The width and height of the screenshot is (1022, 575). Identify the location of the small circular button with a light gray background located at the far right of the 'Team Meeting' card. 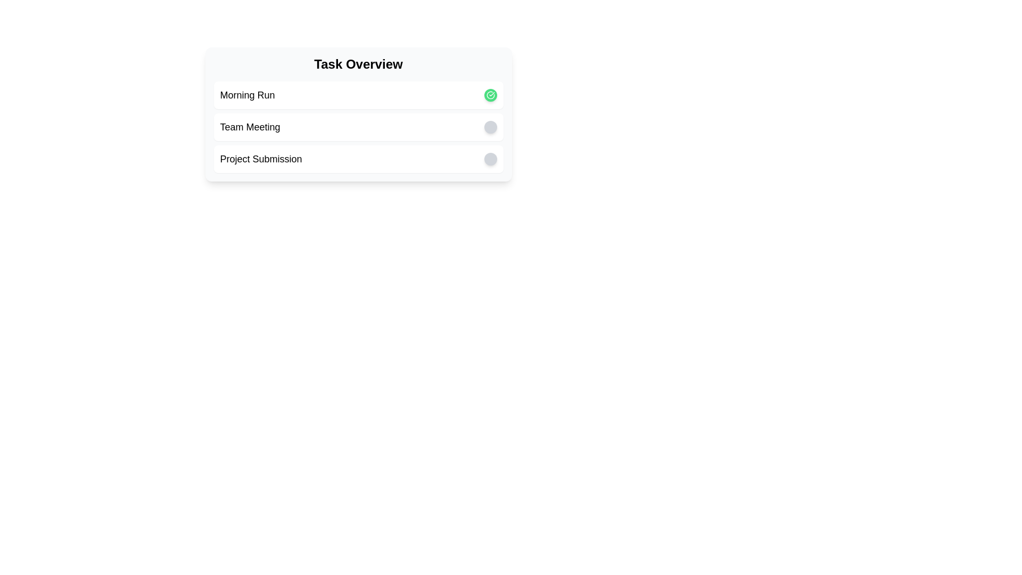
(490, 127).